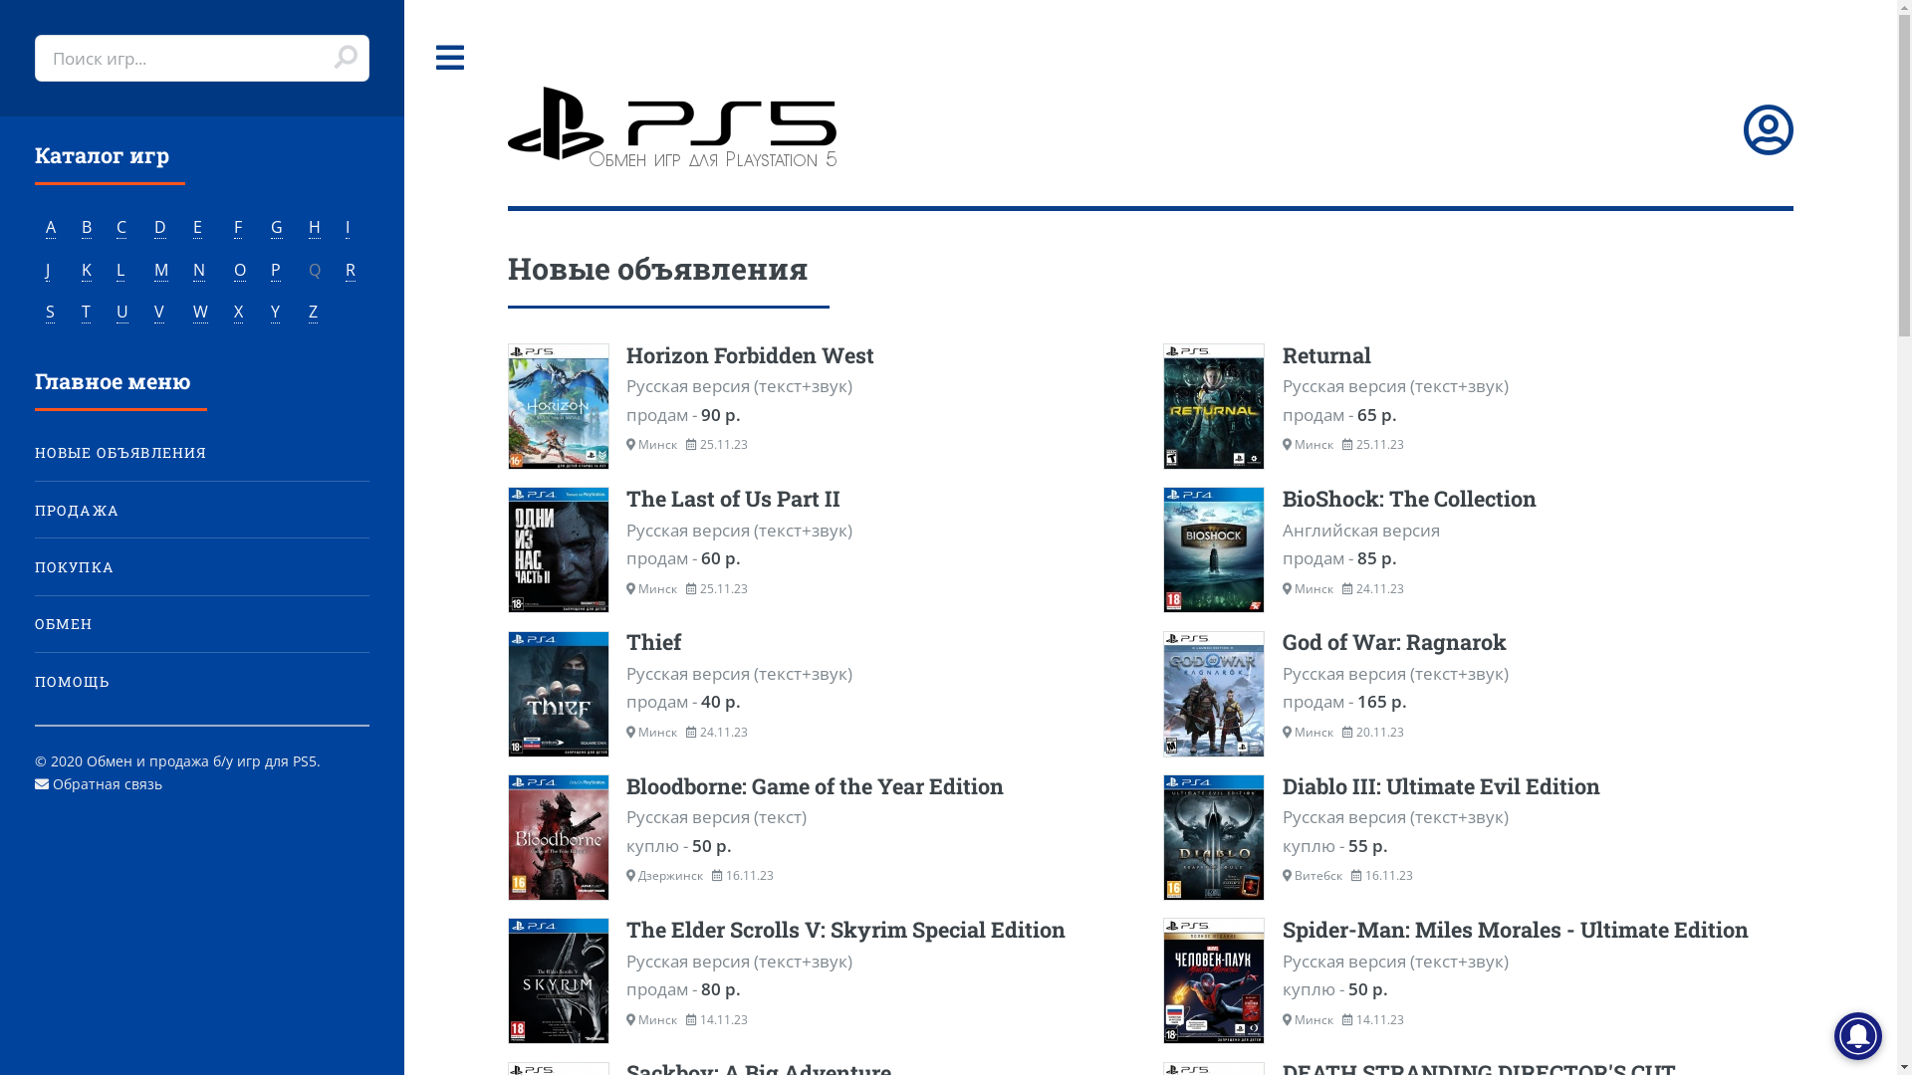  Describe the element at coordinates (192, 270) in the screenshot. I see `'N'` at that location.